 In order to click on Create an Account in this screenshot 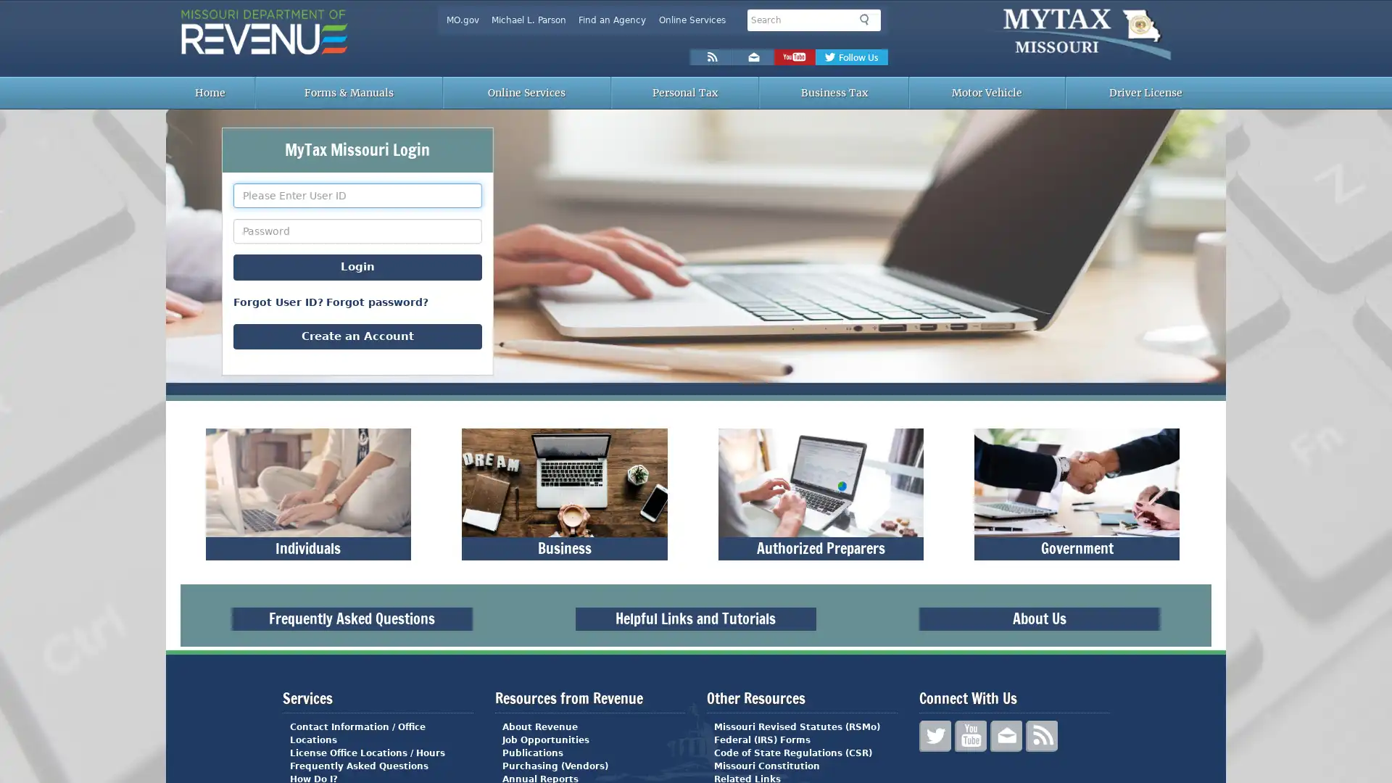, I will do `click(357, 336)`.